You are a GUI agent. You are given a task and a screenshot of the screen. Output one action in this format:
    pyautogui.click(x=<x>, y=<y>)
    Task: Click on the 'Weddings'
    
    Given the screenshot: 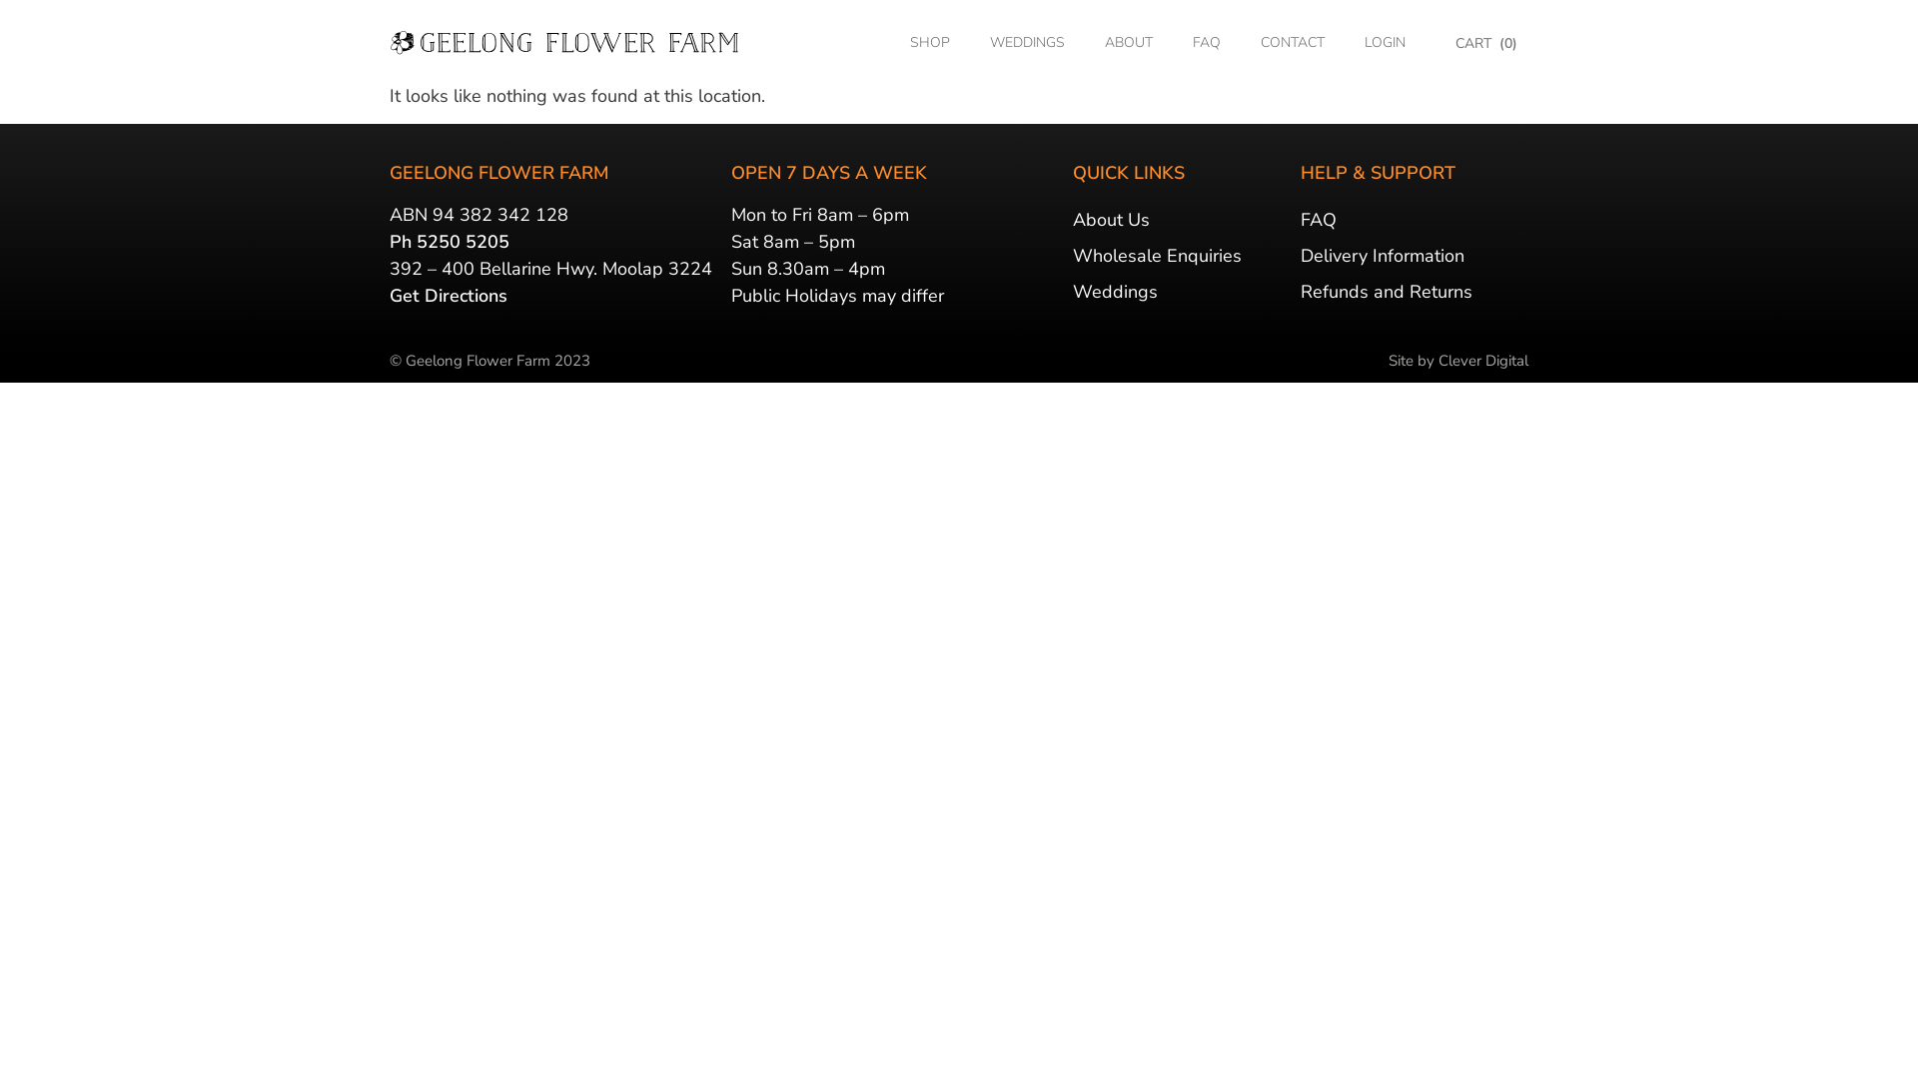 What is the action you would take?
    pyautogui.click(x=1181, y=292)
    